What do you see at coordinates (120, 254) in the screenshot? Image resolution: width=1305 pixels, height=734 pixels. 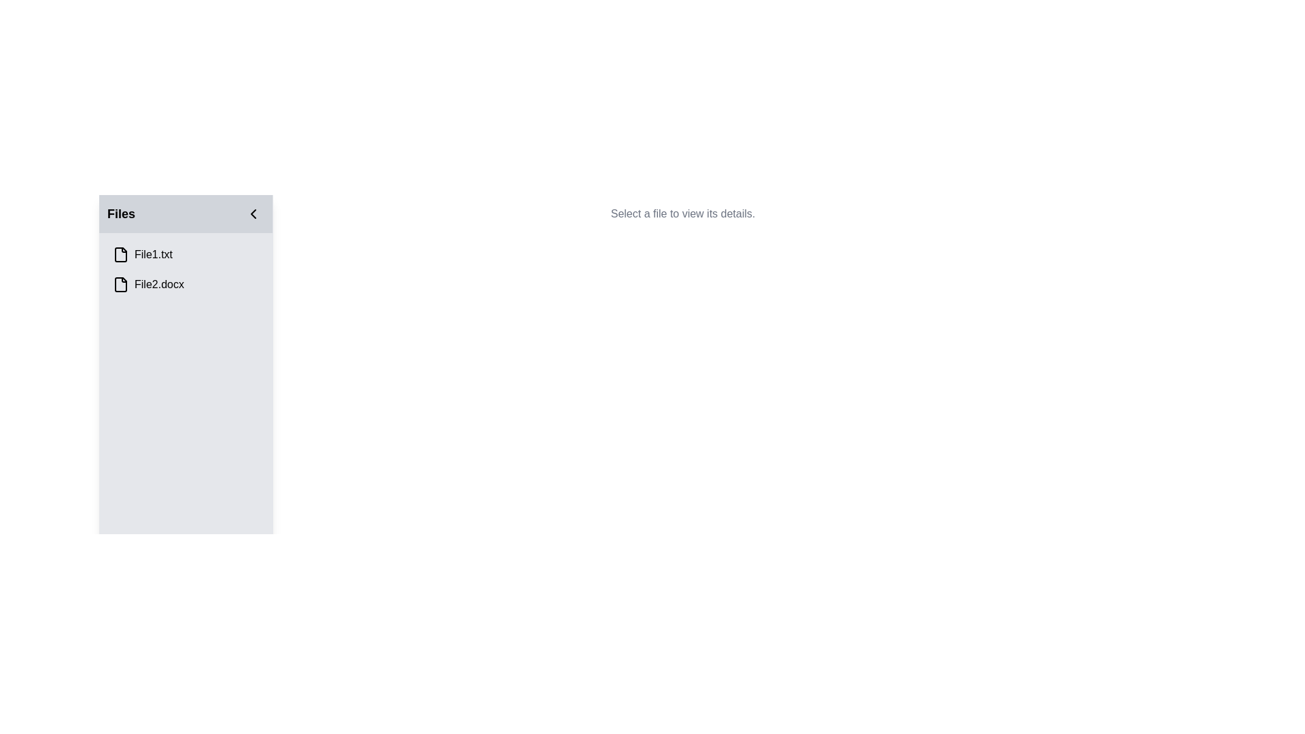 I see `SVG properties of the upper part of the document icon representing 'File1.txt' in the left panel of the file browser interface` at bounding box center [120, 254].